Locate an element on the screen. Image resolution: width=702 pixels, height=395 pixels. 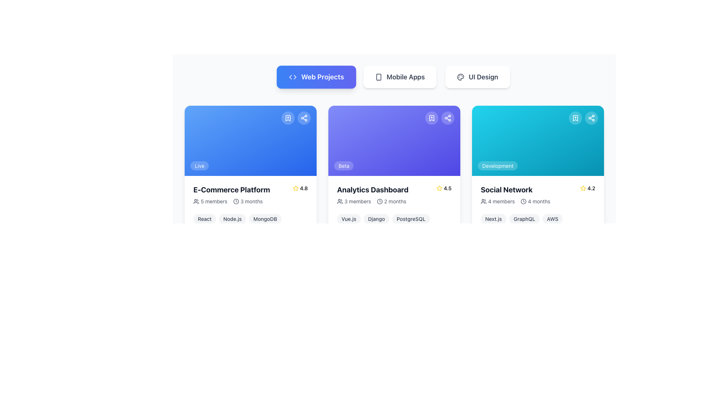
the bookmark button with a '+' symbol inside a rounded transparent button at the top-right corner of the Social Network card to bookmark the card is located at coordinates (575, 118).